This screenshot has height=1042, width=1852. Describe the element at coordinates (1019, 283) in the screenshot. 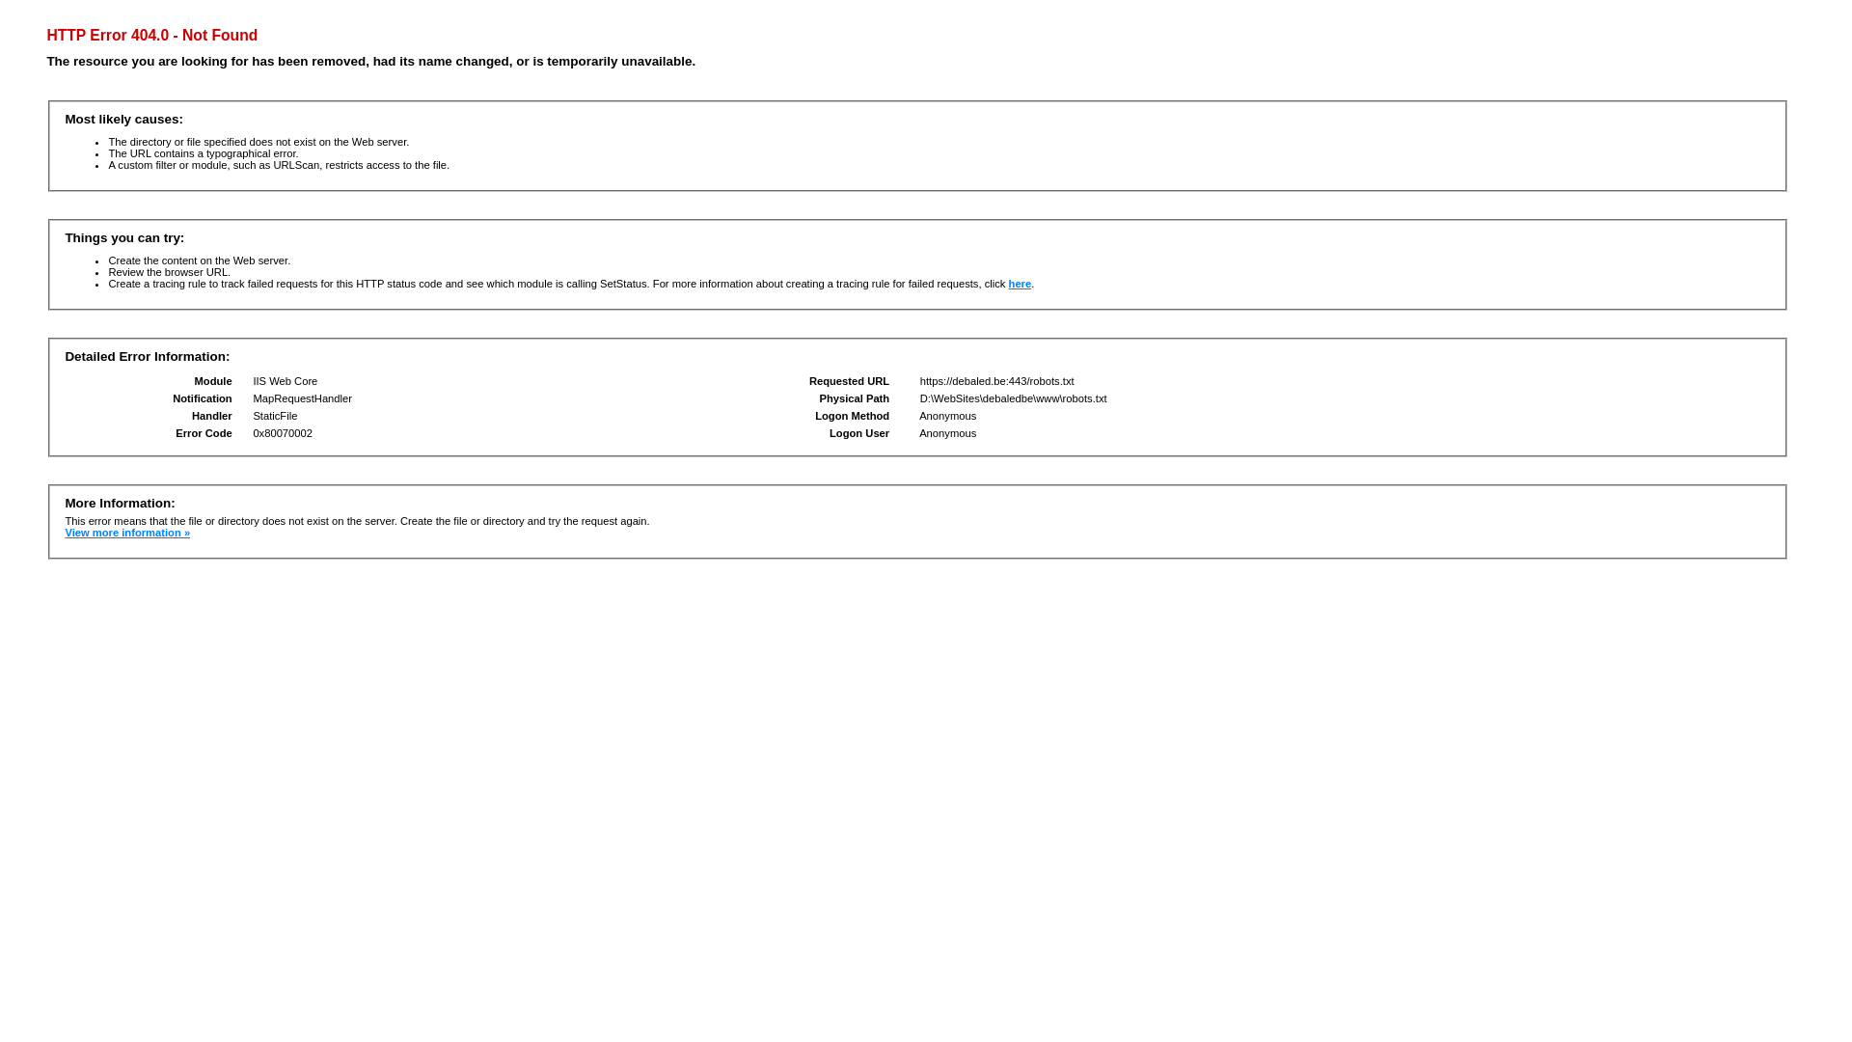

I see `'here'` at that location.